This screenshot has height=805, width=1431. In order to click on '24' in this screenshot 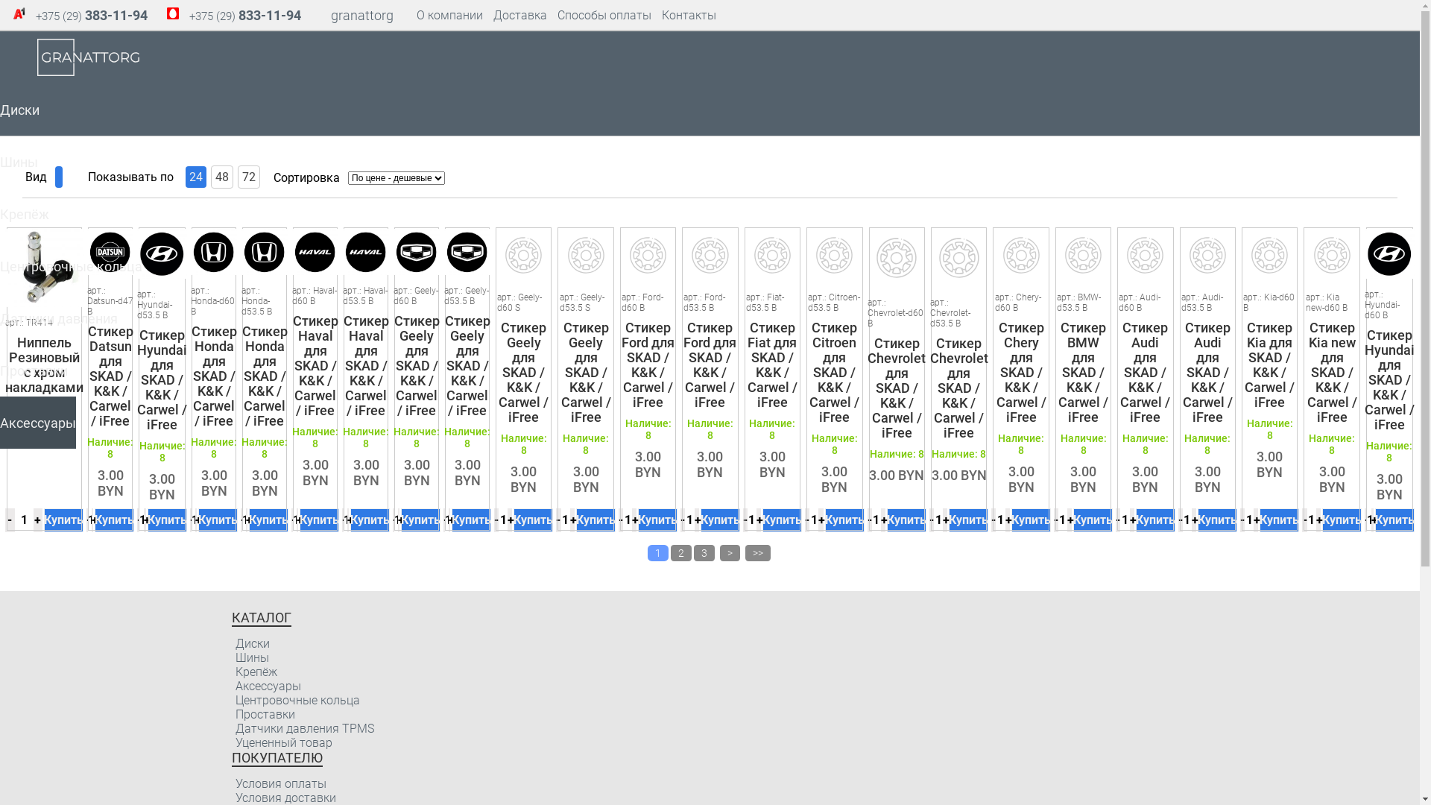, I will do `click(195, 176)`.